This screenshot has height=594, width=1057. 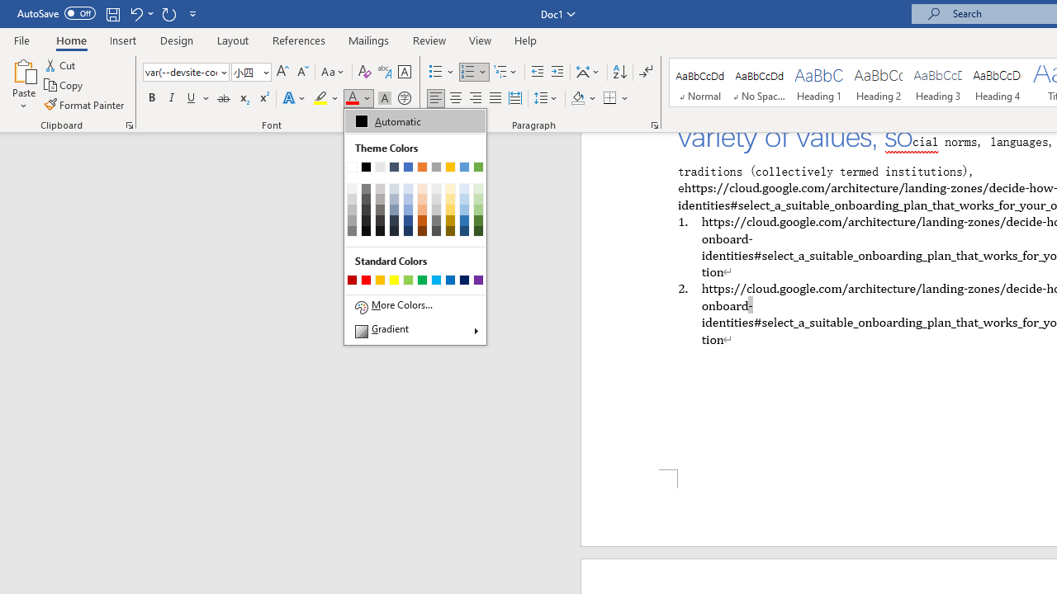 I want to click on 'Undo Paragraph Alignment', so click(x=135, y=13).